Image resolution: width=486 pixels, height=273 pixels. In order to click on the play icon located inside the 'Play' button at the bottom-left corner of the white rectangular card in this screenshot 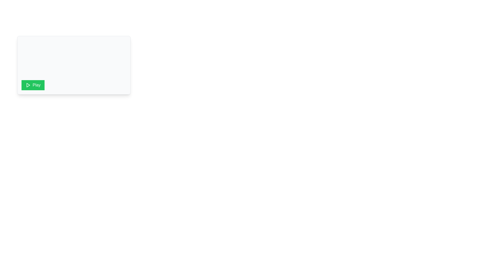, I will do `click(28, 85)`.